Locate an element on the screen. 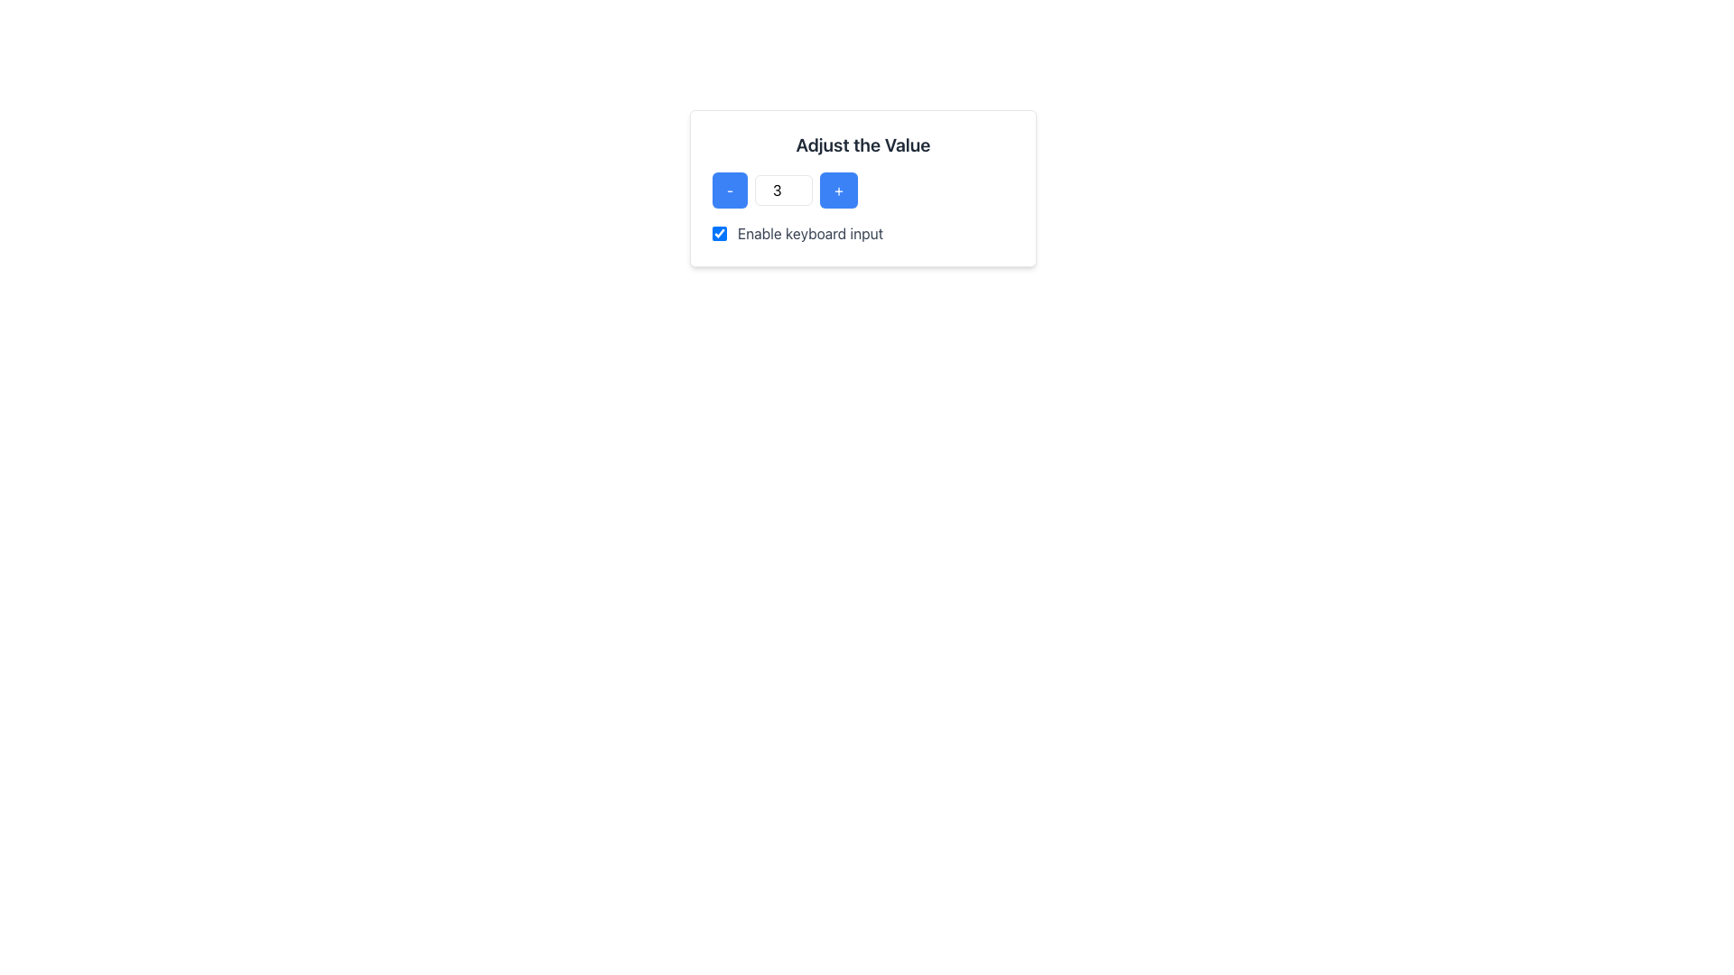  the blue button with a white '+' symbol in the center to increase the value is located at coordinates (838, 190).